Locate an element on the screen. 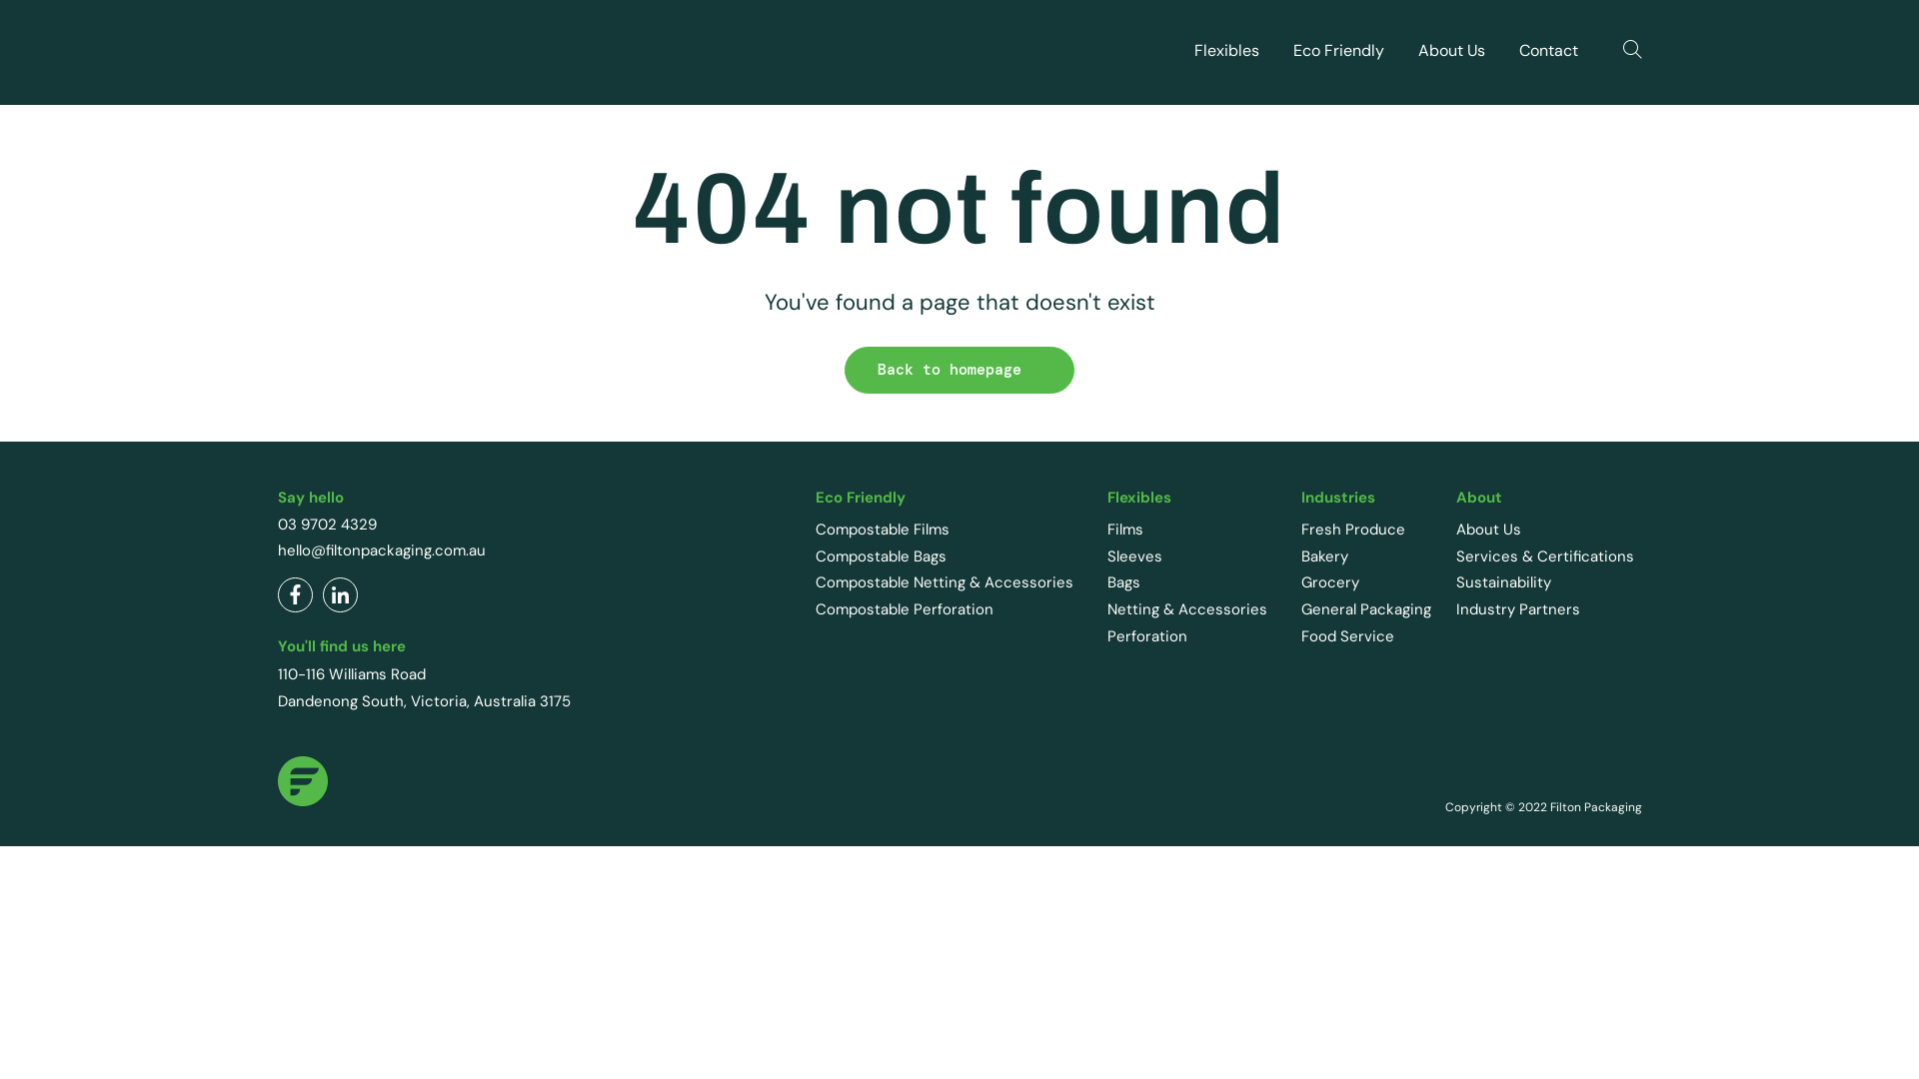 The height and width of the screenshot is (1079, 1919). 'Netting & Accessories' is located at coordinates (1186, 607).